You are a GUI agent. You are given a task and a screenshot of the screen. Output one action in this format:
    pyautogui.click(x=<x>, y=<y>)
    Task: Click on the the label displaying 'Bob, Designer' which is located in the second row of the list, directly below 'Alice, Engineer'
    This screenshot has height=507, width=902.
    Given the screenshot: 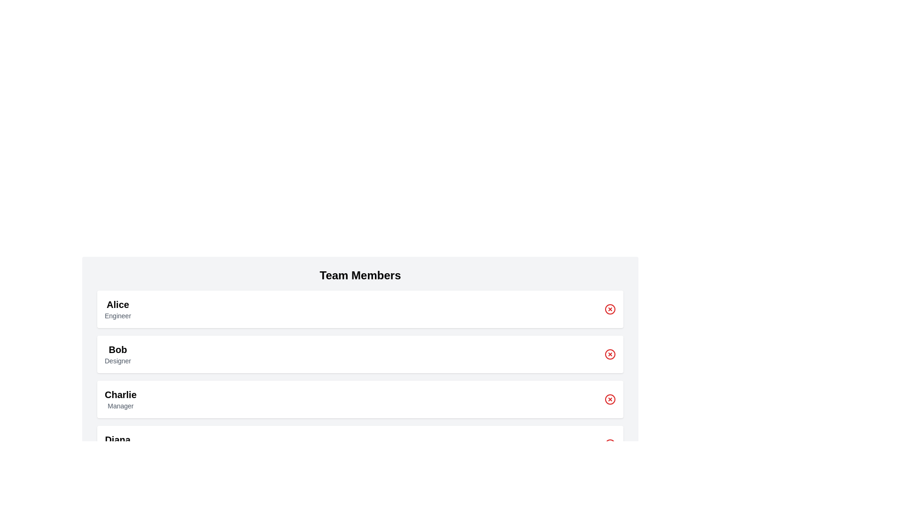 What is the action you would take?
    pyautogui.click(x=117, y=354)
    